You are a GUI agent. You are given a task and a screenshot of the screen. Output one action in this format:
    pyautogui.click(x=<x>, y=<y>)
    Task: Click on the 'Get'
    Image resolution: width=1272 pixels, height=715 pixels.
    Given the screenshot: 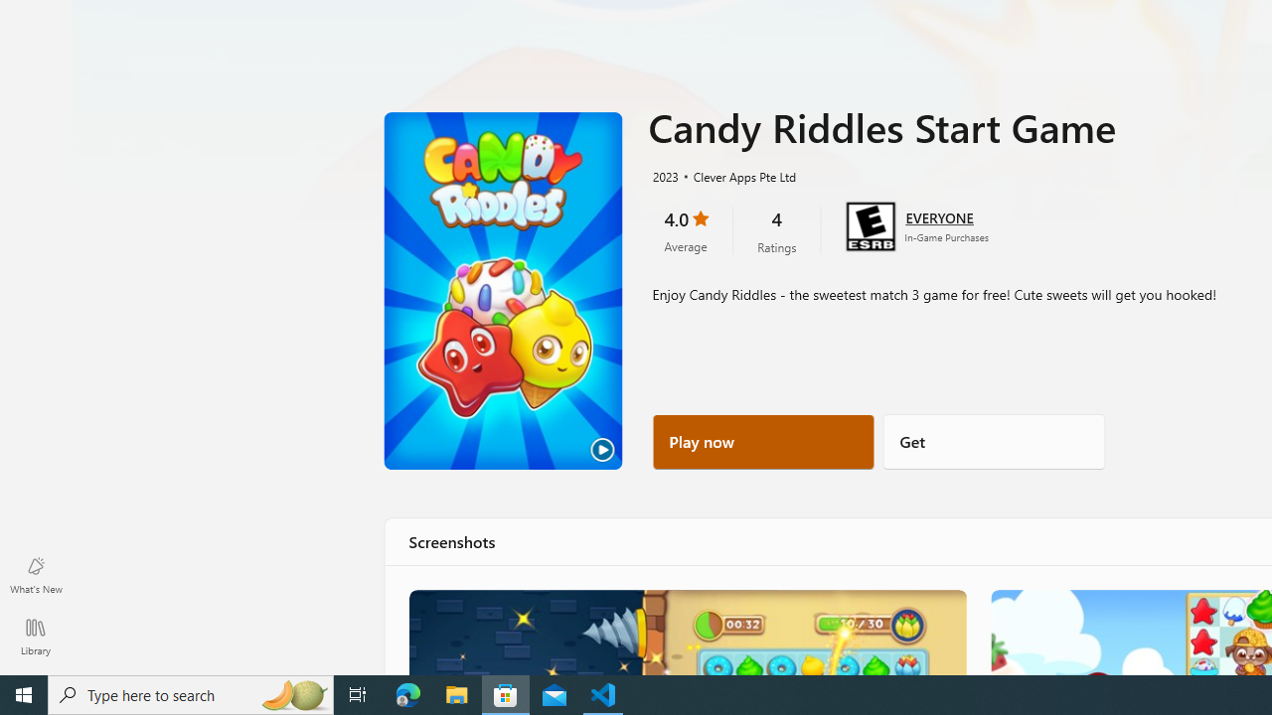 What is the action you would take?
    pyautogui.click(x=994, y=440)
    